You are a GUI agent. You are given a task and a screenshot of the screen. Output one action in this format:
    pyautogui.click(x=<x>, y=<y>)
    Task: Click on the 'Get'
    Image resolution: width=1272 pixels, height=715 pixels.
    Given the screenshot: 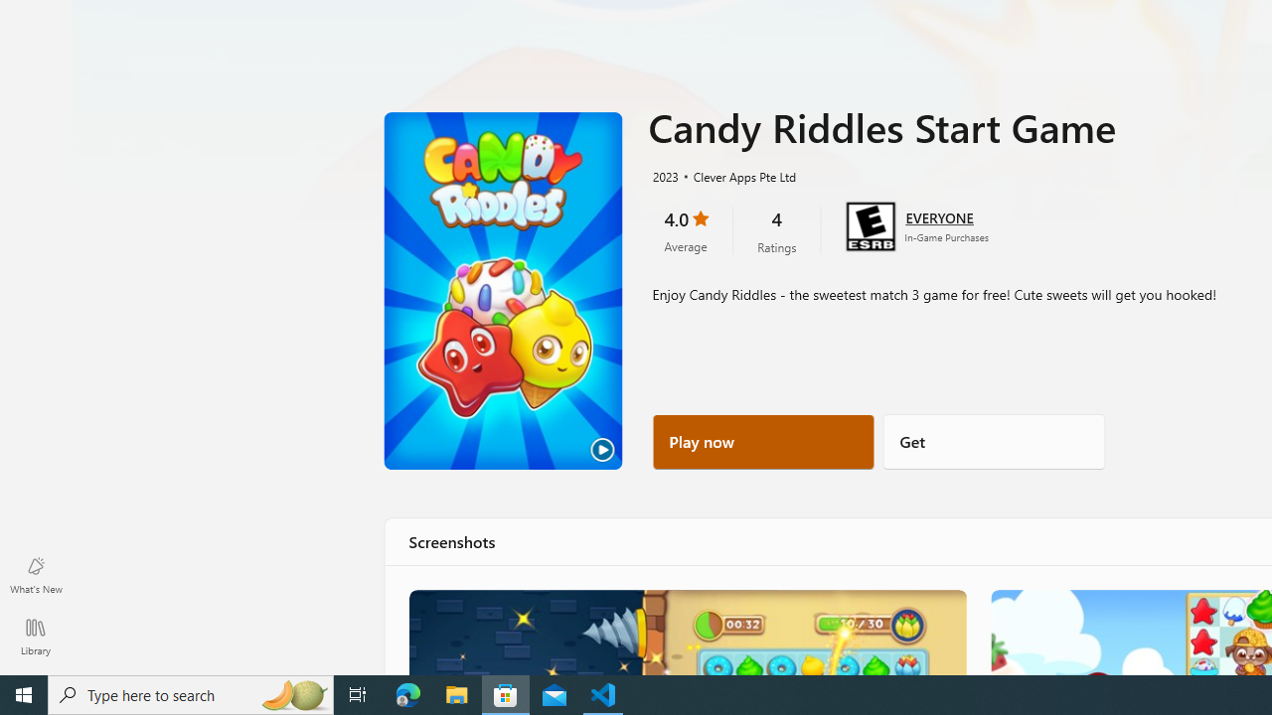 What is the action you would take?
    pyautogui.click(x=994, y=440)
    